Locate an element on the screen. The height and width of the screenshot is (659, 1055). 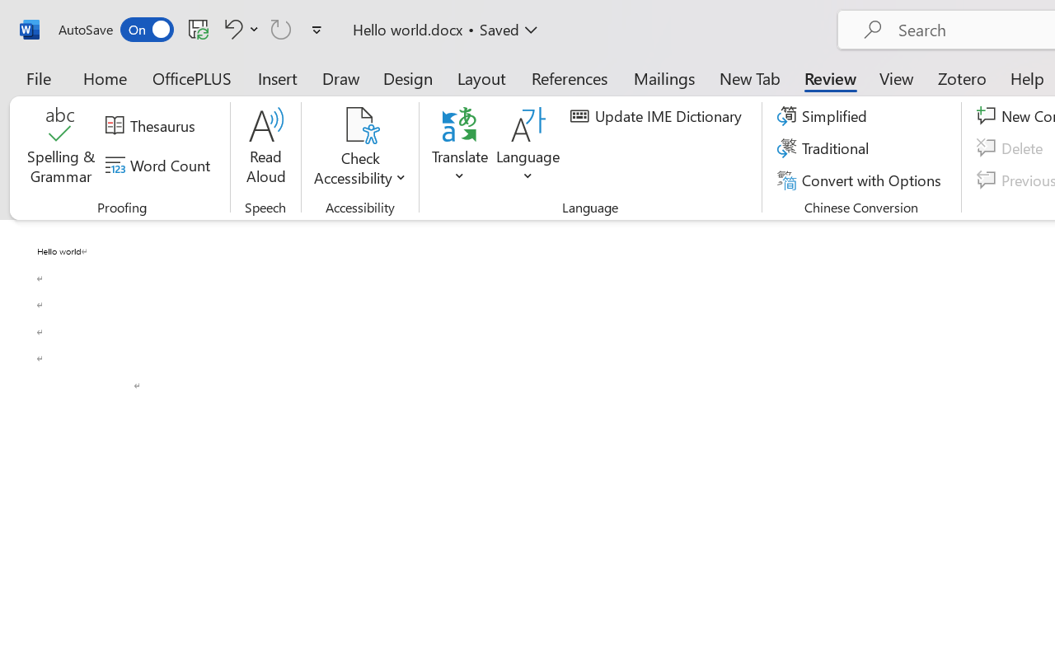
'OfficePLUS' is located at coordinates (192, 77).